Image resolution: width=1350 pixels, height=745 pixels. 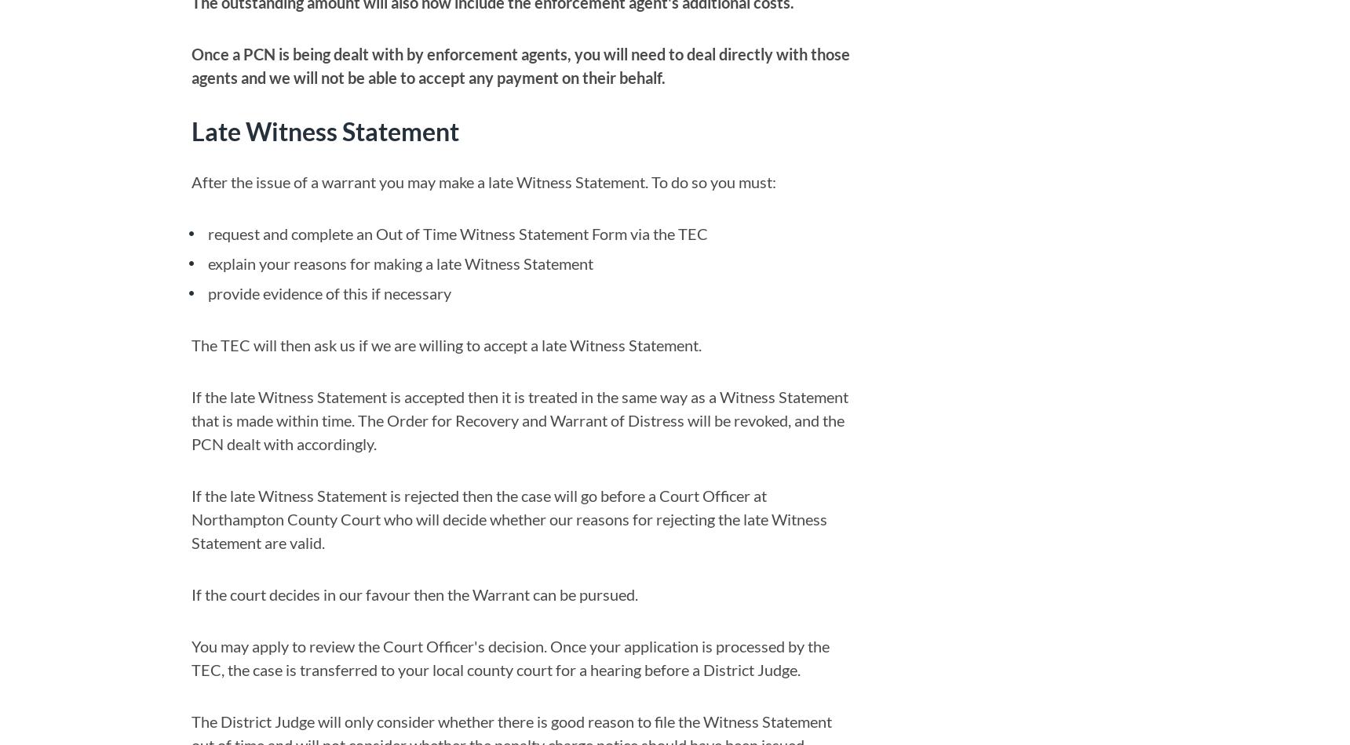 What do you see at coordinates (510, 657) in the screenshot?
I see `'You may apply to review the Court Officer's decision. Once your application is processed by the TEC, the case is transferred to your local county court for a hearing before a District Judge.'` at bounding box center [510, 657].